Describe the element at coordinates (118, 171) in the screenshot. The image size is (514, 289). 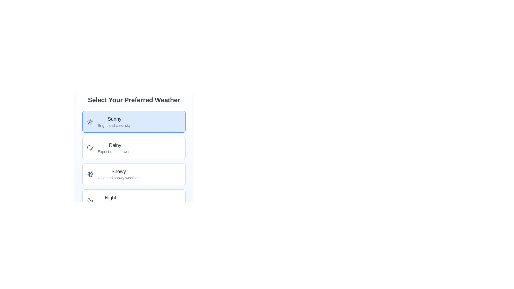
I see `the Text Label displaying 'Snowy', which is part of the weather options row and positioned above the subtitle 'Cold and snowy weather.'` at that location.